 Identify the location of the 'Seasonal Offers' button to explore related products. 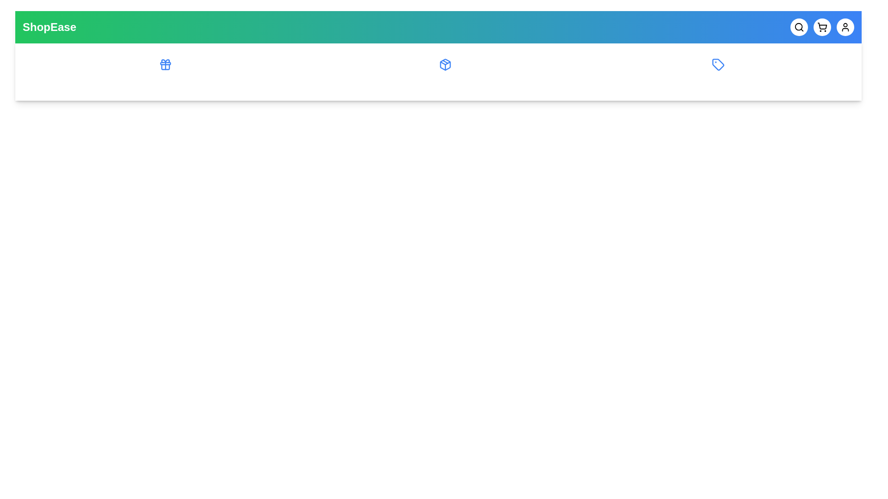
(165, 71).